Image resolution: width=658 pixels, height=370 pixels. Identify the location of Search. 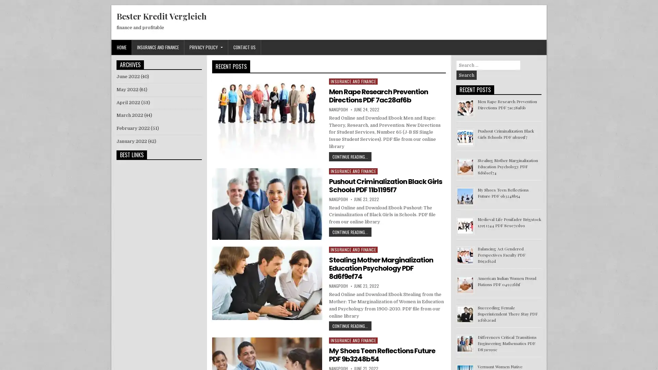
(466, 75).